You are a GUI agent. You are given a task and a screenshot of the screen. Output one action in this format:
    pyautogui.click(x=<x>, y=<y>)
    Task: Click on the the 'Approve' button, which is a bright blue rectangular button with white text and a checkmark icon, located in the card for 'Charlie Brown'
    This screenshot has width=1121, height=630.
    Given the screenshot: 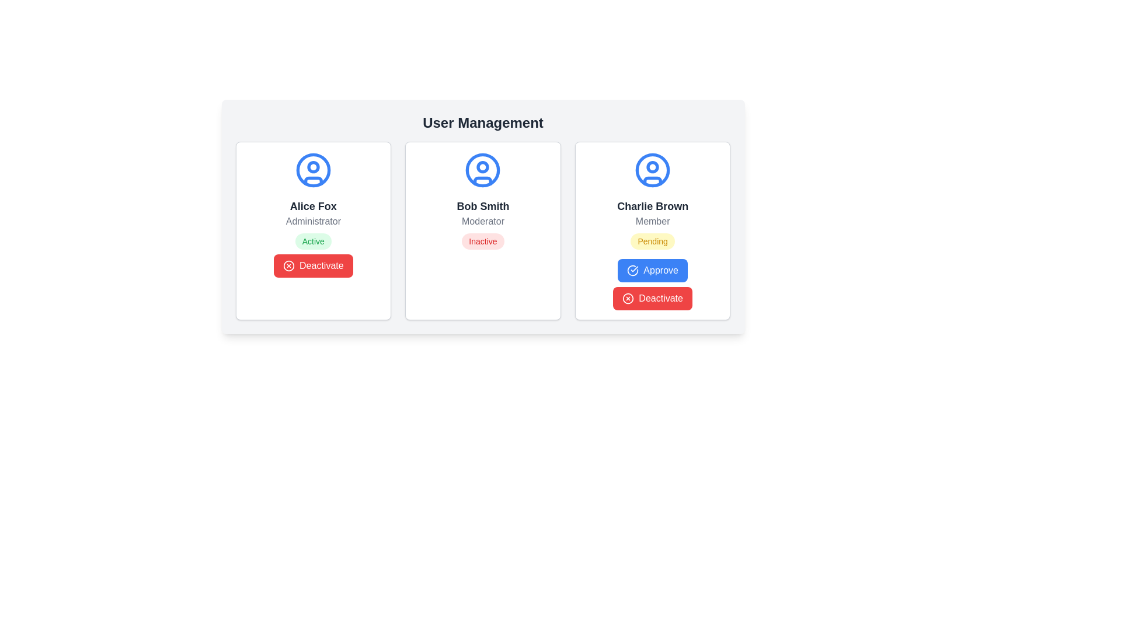 What is the action you would take?
    pyautogui.click(x=652, y=270)
    